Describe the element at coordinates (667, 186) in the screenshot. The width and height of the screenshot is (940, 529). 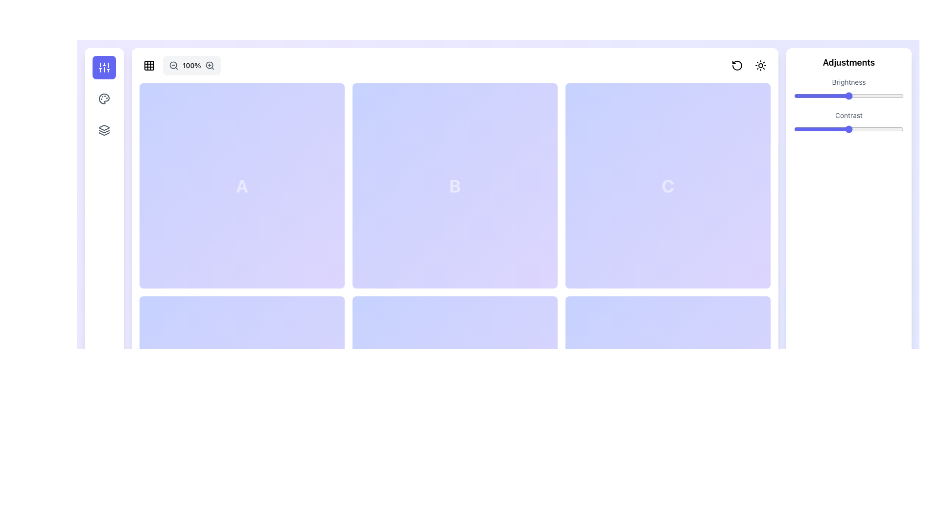
I see `the small rounded rectangle SVG graphical component located in the upper-right section of the interface` at that location.